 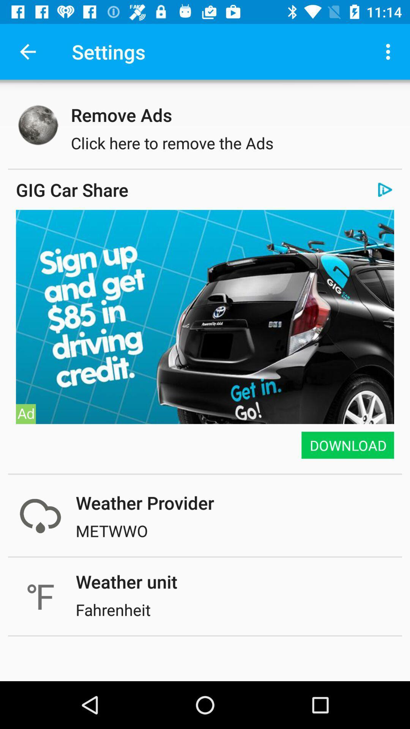 What do you see at coordinates (347, 445) in the screenshot?
I see `the download` at bounding box center [347, 445].